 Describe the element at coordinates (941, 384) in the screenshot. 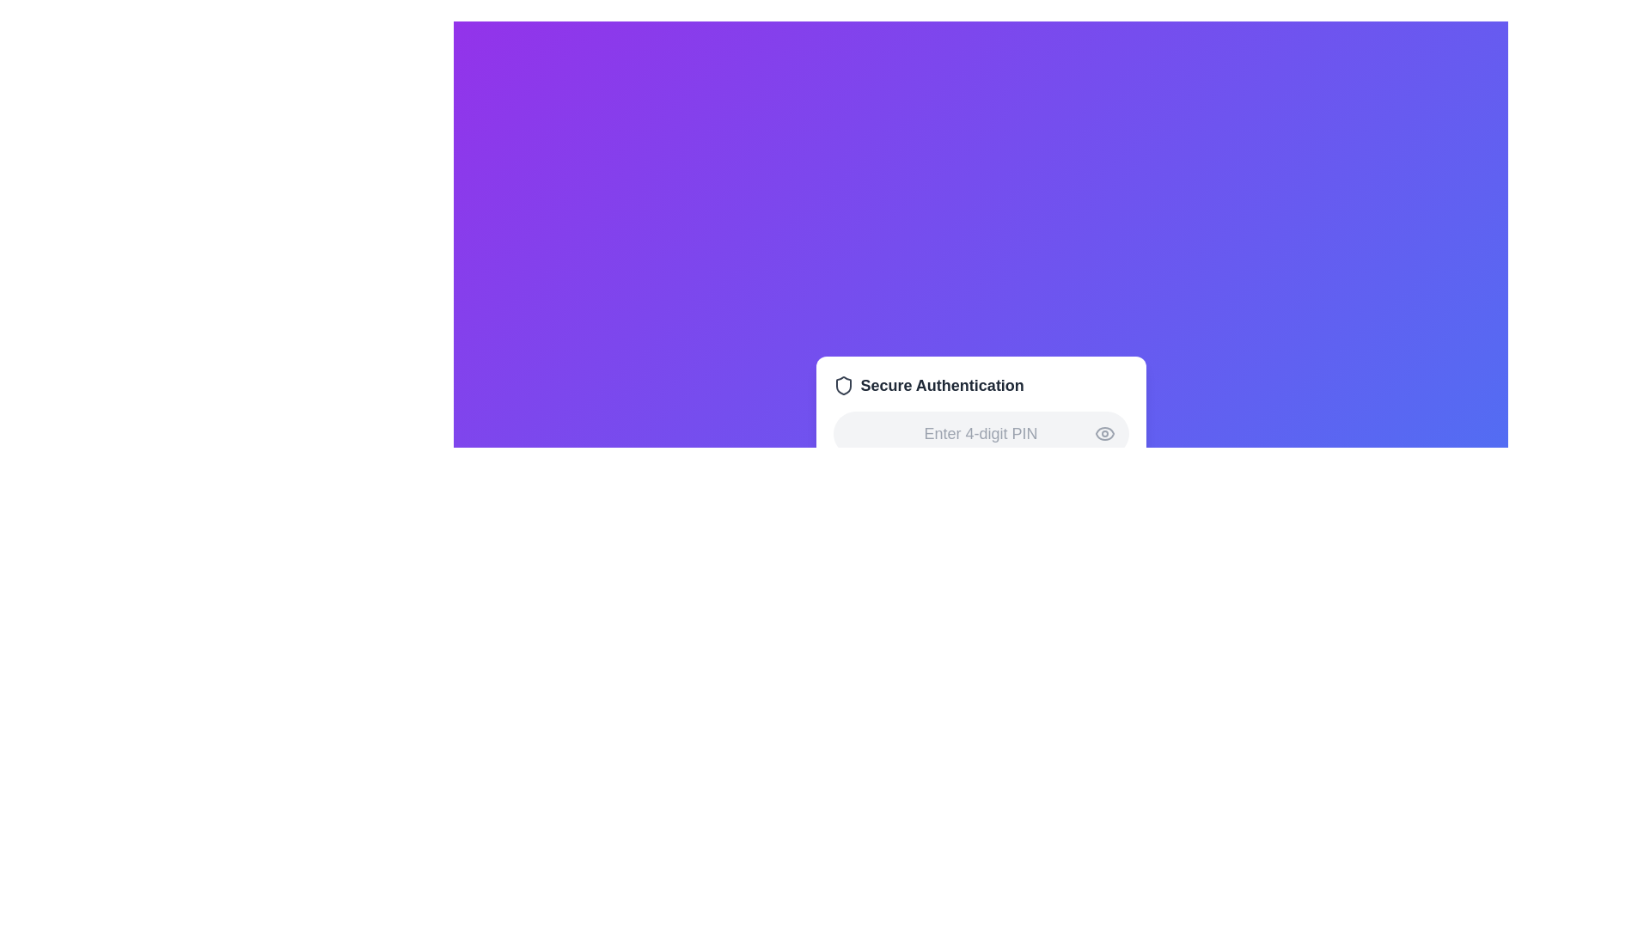

I see `the 'Secure Authentication' text element, which is displayed in bold dark gray font and is part of a security overview UI, located near the top center of a card-like component` at that location.